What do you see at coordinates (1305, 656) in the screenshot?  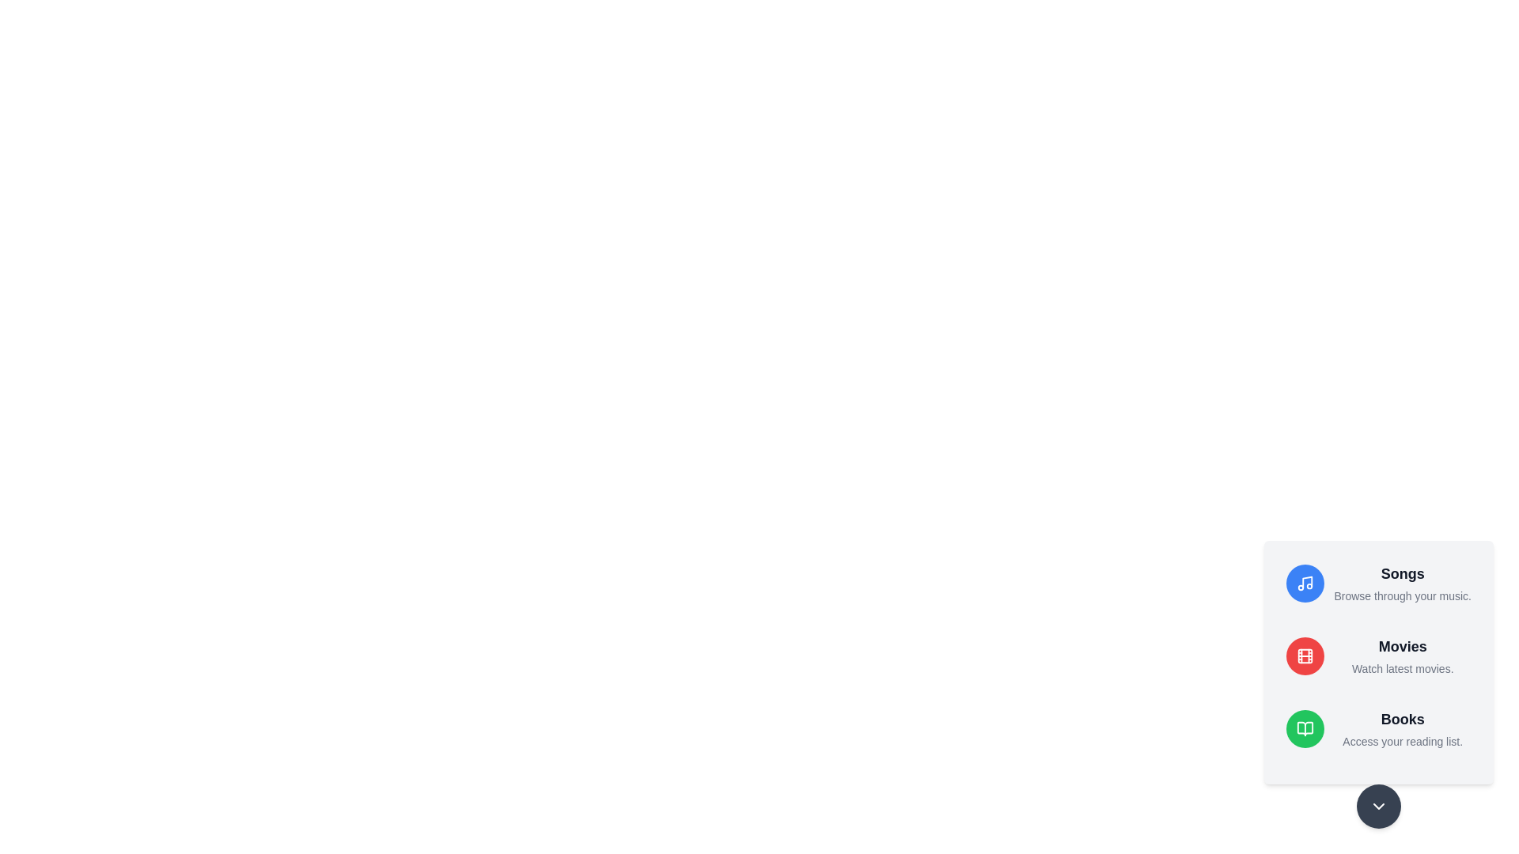 I see `the Movies button to interact with the corresponding media option` at bounding box center [1305, 656].